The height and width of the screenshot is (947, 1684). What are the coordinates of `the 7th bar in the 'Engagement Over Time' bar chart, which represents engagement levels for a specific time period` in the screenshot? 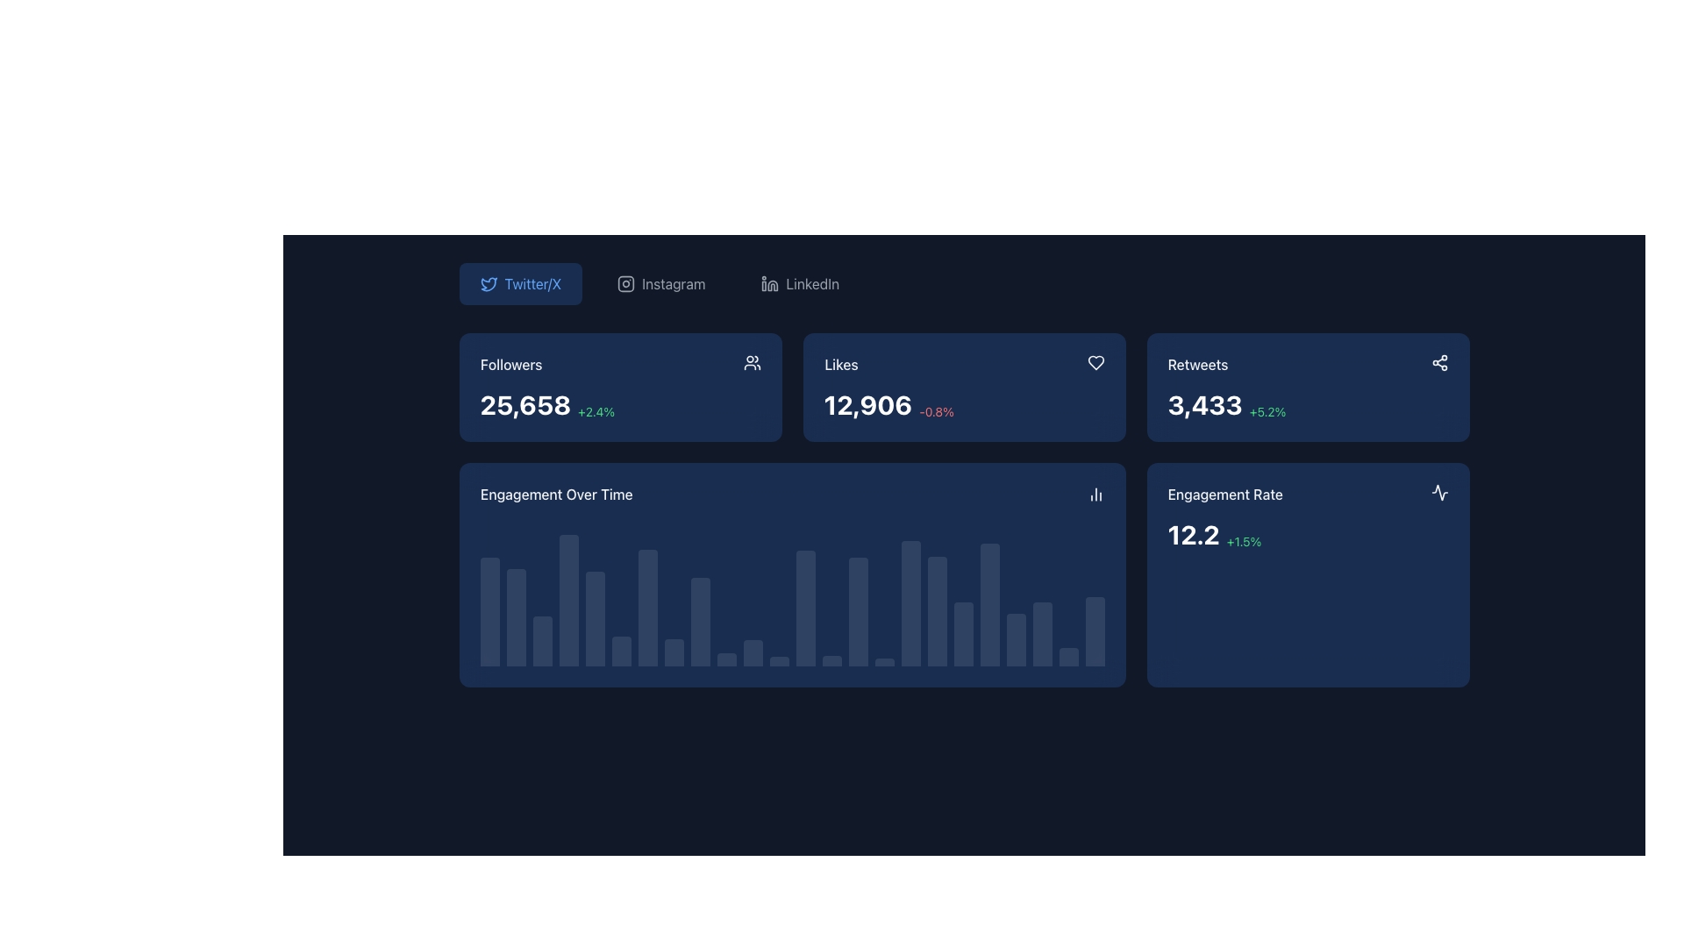 It's located at (646, 607).